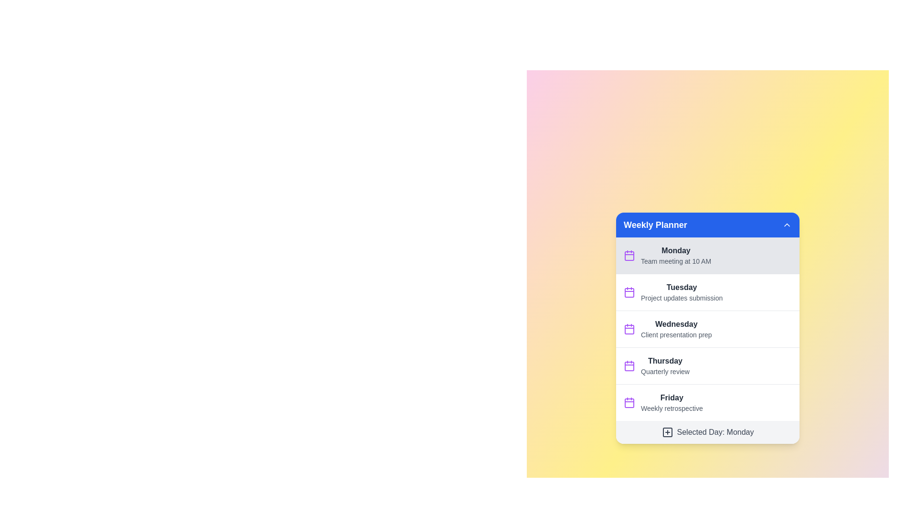 The height and width of the screenshot is (516, 917). Describe the element at coordinates (787, 225) in the screenshot. I see `expand/collapse button to toggle the visibility of the planner menu` at that location.